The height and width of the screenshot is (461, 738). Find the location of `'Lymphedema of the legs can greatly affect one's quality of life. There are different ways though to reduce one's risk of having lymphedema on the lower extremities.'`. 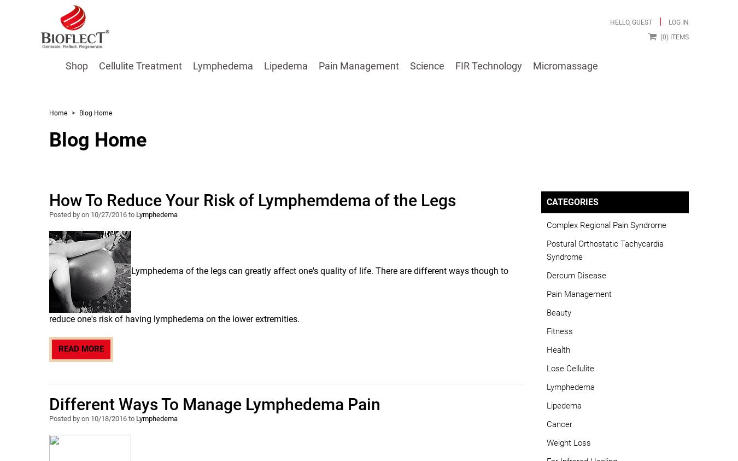

'Lymphedema of the legs can greatly affect one's quality of life. There are different ways though to reduce one's risk of having lymphedema on the lower extremities.' is located at coordinates (278, 295).